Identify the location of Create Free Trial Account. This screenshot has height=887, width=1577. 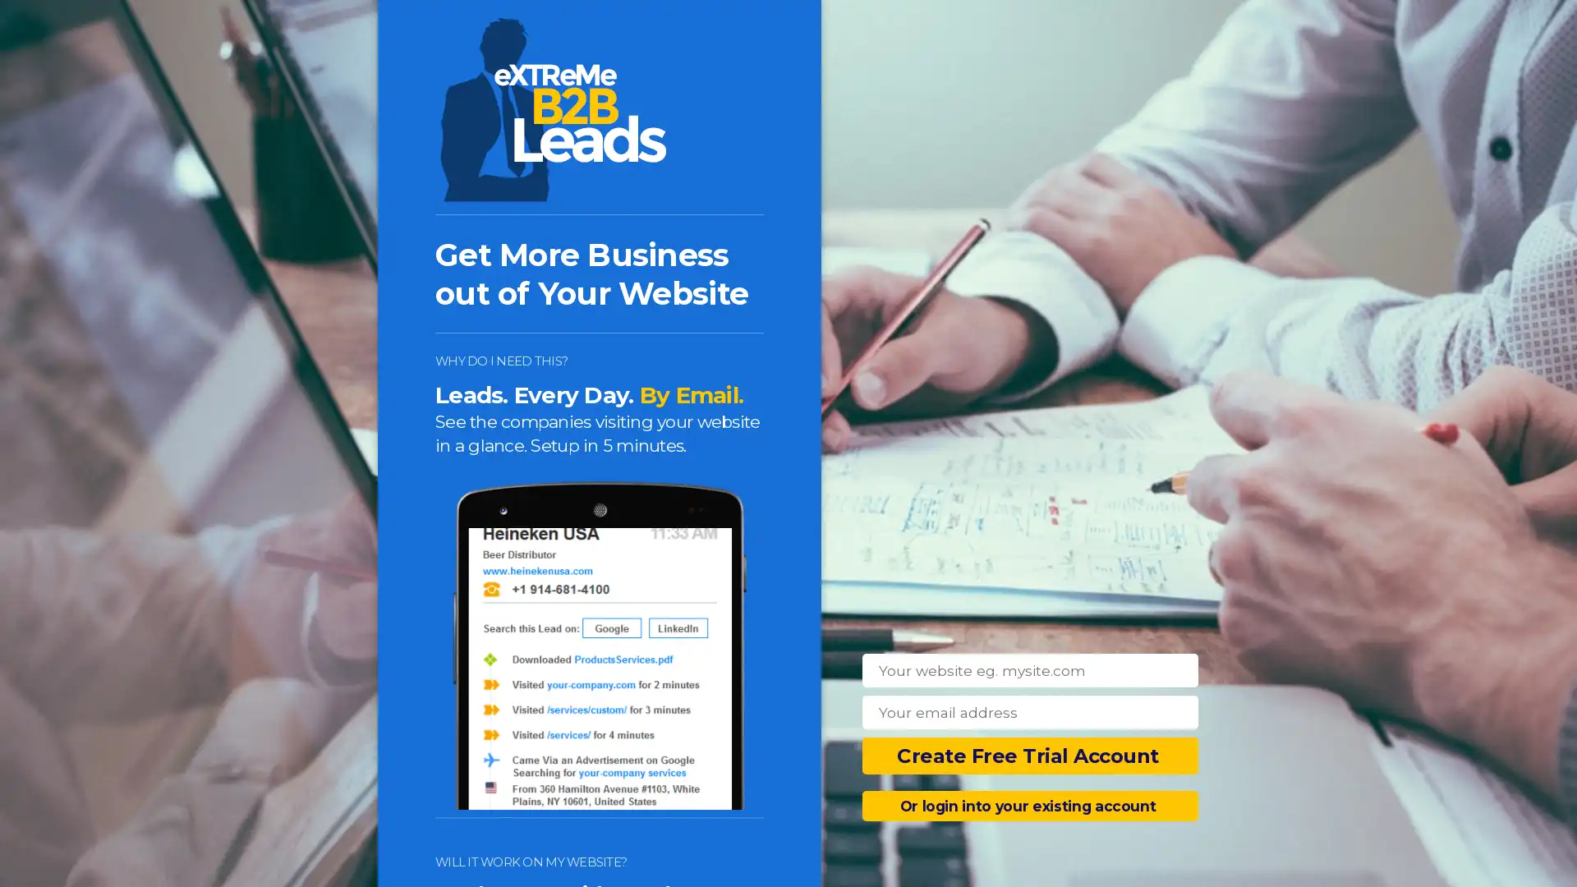
(1029, 756).